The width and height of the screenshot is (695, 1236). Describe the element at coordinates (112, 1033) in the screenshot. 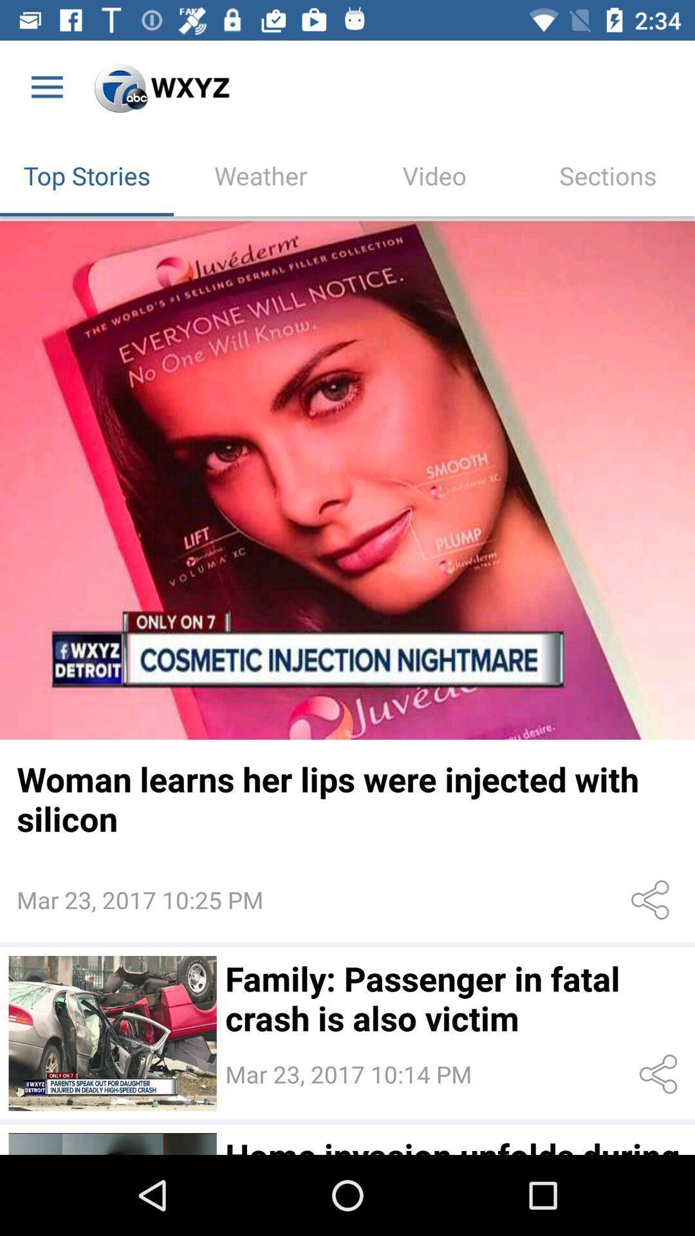

I see `the image which is left hand side of family passenger in fatal crash is also victim` at that location.